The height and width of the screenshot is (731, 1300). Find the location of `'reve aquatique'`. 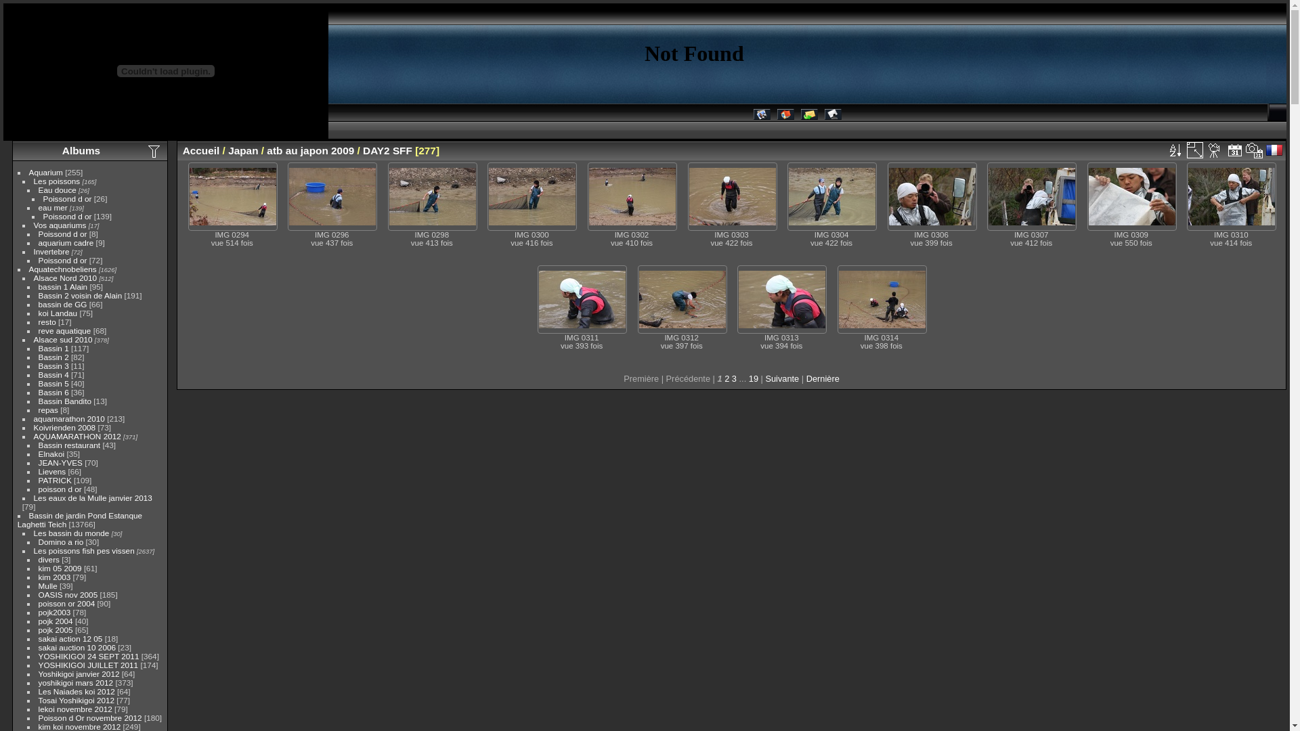

'reve aquatique' is located at coordinates (64, 330).